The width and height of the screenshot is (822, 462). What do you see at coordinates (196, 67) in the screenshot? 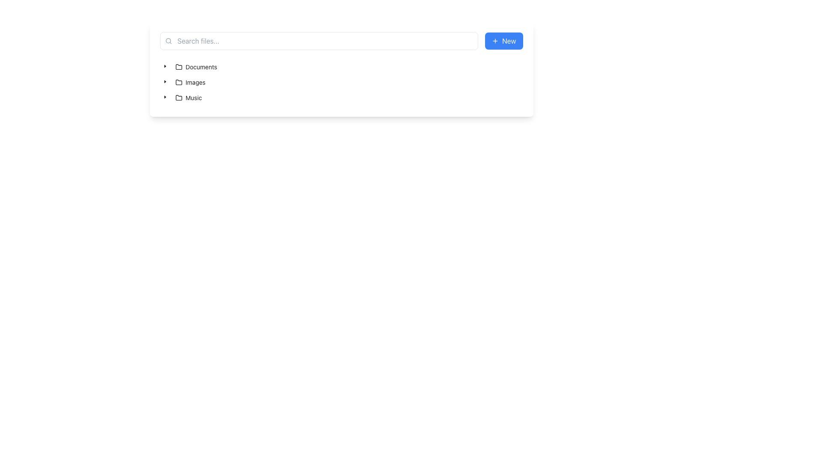
I see `the 'Documents' Tree item in the collapsible file directory to possibly display additional information or a tooltip` at bounding box center [196, 67].